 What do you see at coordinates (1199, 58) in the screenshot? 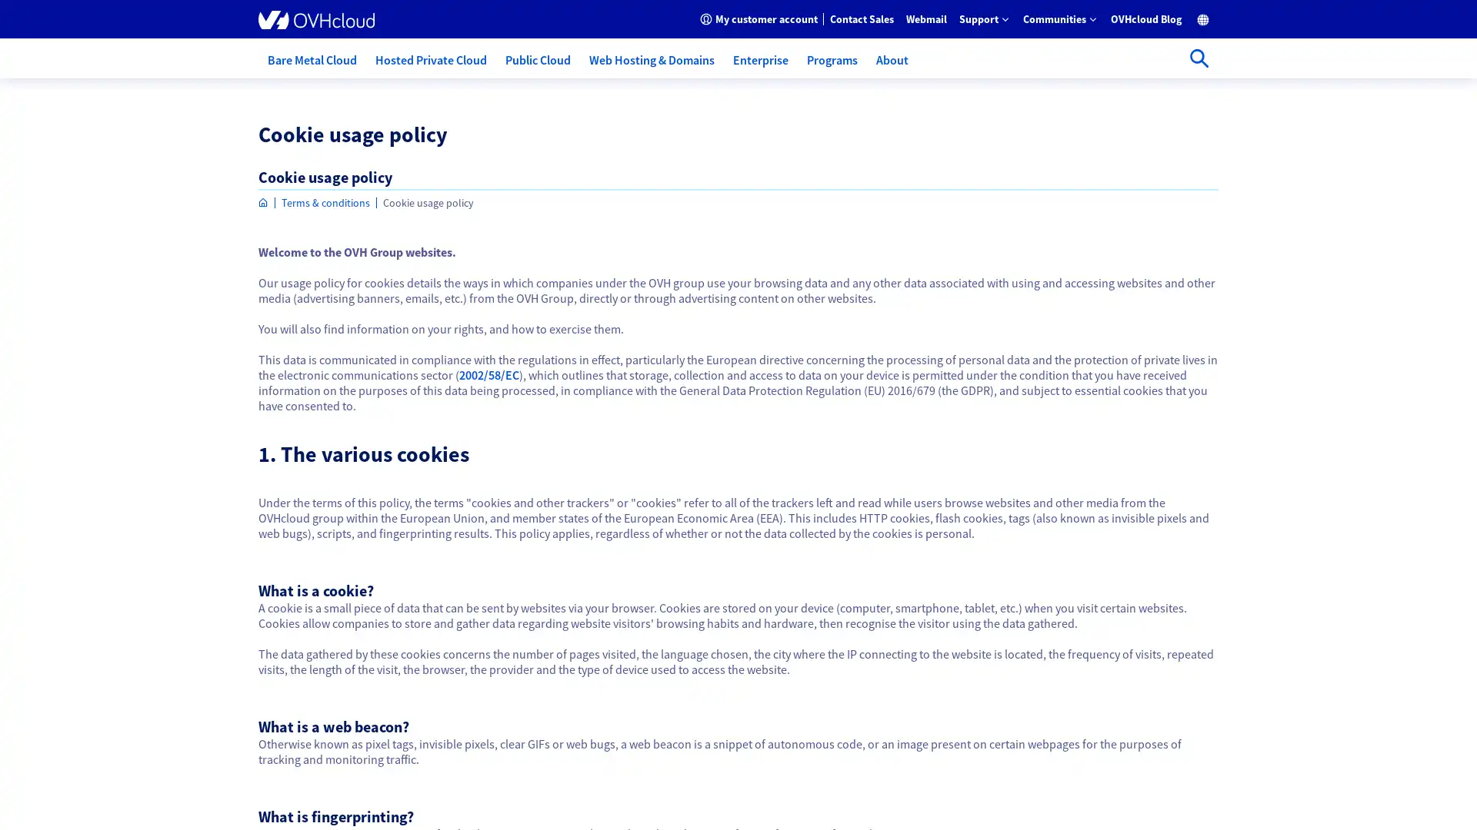
I see `Open search bar` at bounding box center [1199, 58].